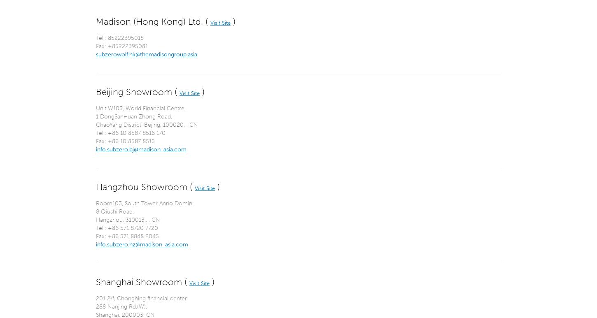 The image size is (597, 318). What do you see at coordinates (121, 306) in the screenshot?
I see `'288 Nanjing Rd.(W),'` at bounding box center [121, 306].